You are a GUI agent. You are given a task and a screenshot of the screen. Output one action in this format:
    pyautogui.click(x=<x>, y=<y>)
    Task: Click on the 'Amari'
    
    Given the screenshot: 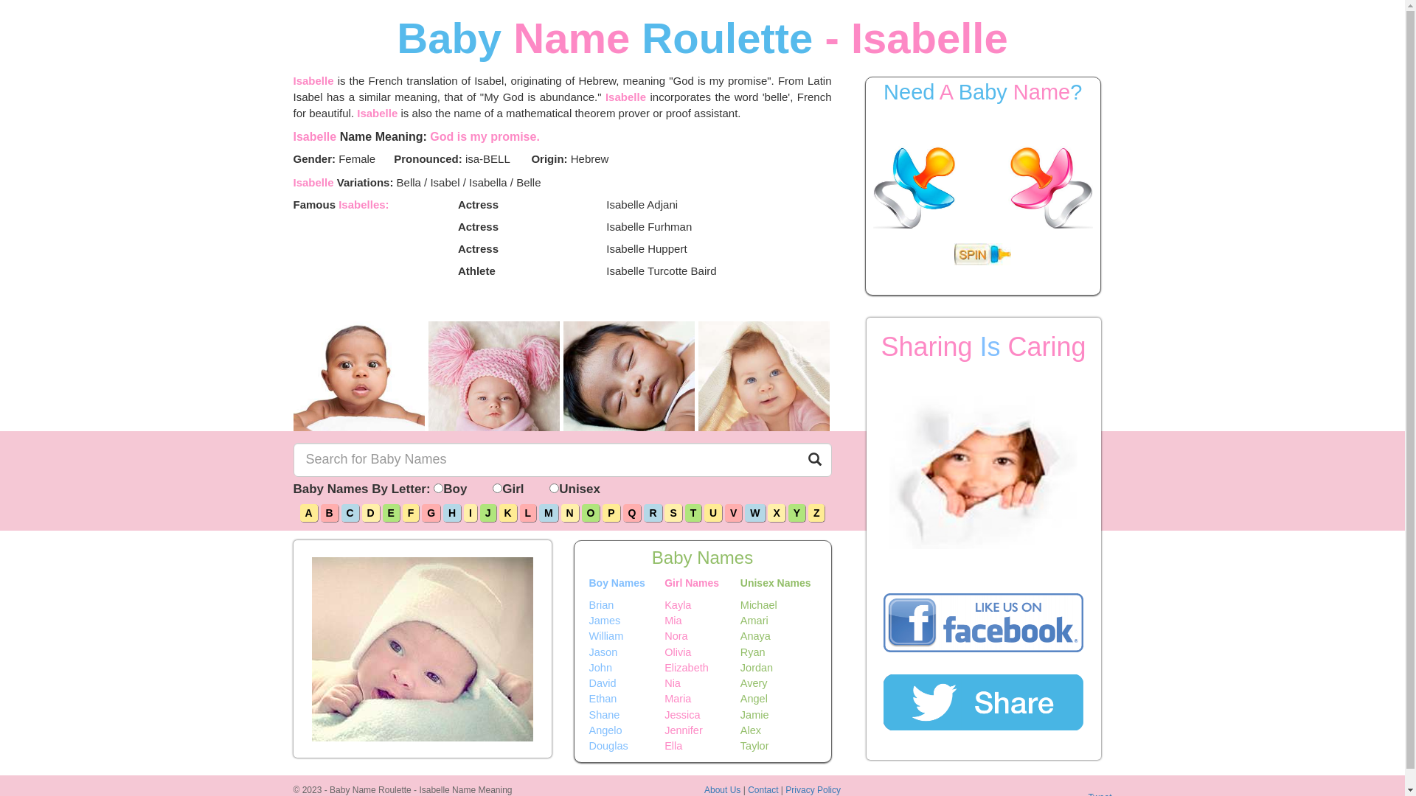 What is the action you would take?
    pyautogui.click(x=777, y=621)
    